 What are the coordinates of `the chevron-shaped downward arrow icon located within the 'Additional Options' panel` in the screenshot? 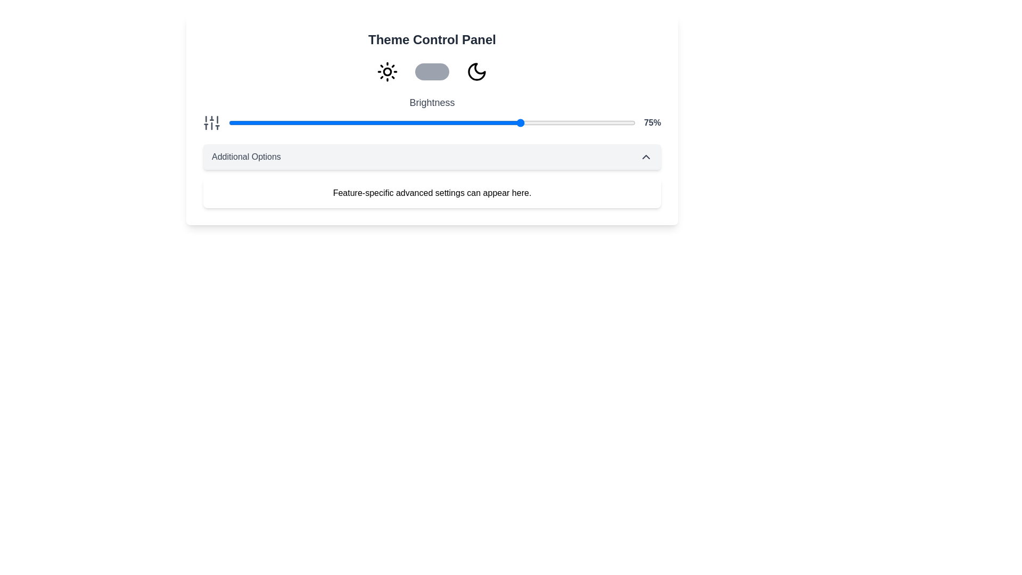 It's located at (646, 157).